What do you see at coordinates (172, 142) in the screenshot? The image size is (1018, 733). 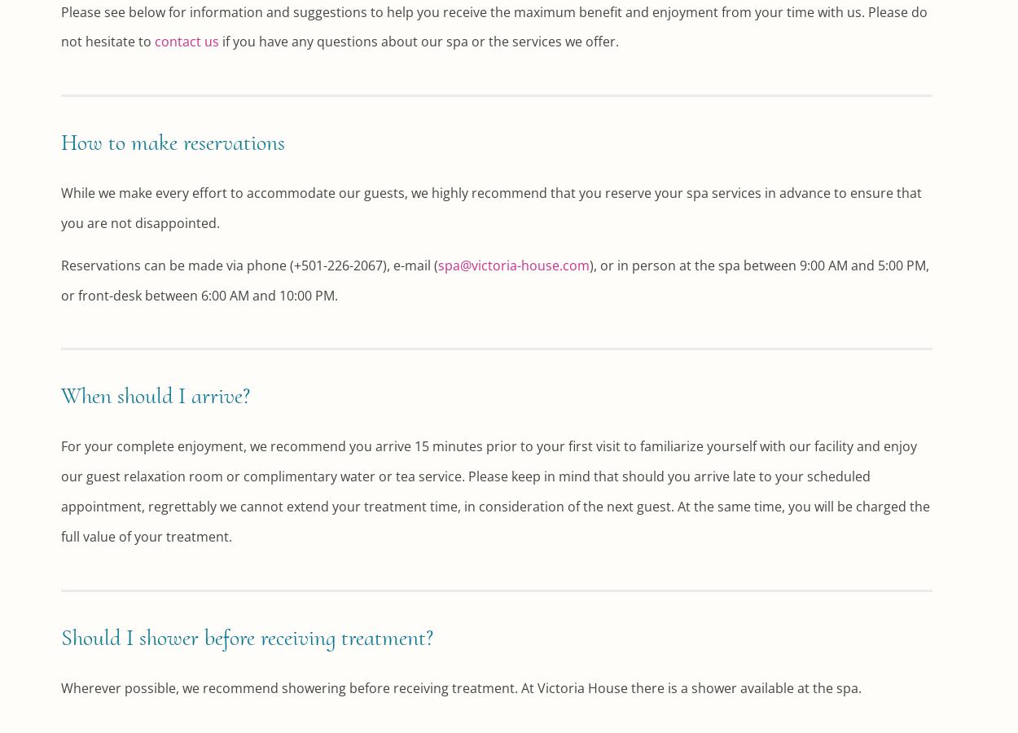 I see `'How to make reservations'` at bounding box center [172, 142].